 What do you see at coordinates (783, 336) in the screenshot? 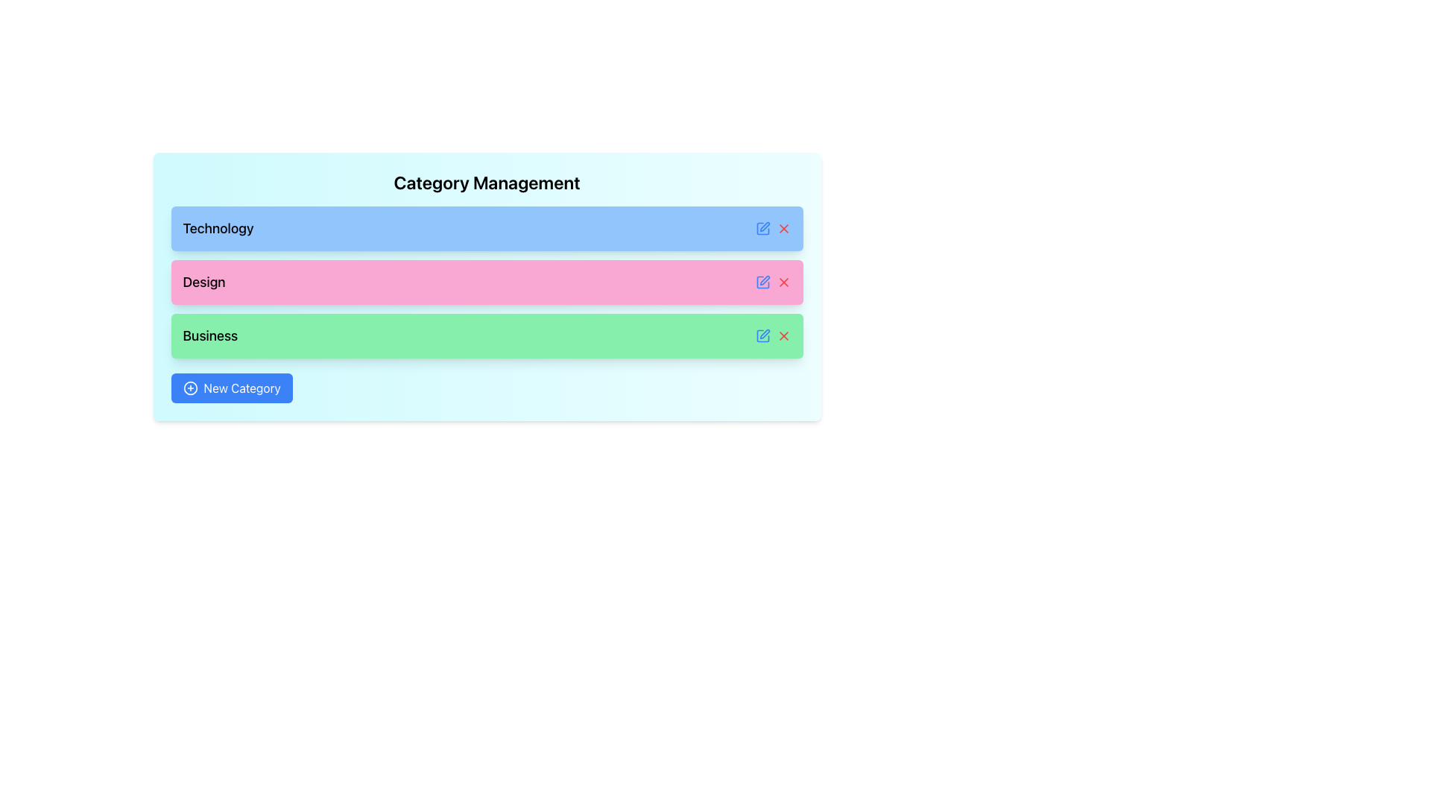
I see `the delete button located at the rightmost side of the green section labeled 'Business', which is the third item in the vertical stack of categories` at bounding box center [783, 336].